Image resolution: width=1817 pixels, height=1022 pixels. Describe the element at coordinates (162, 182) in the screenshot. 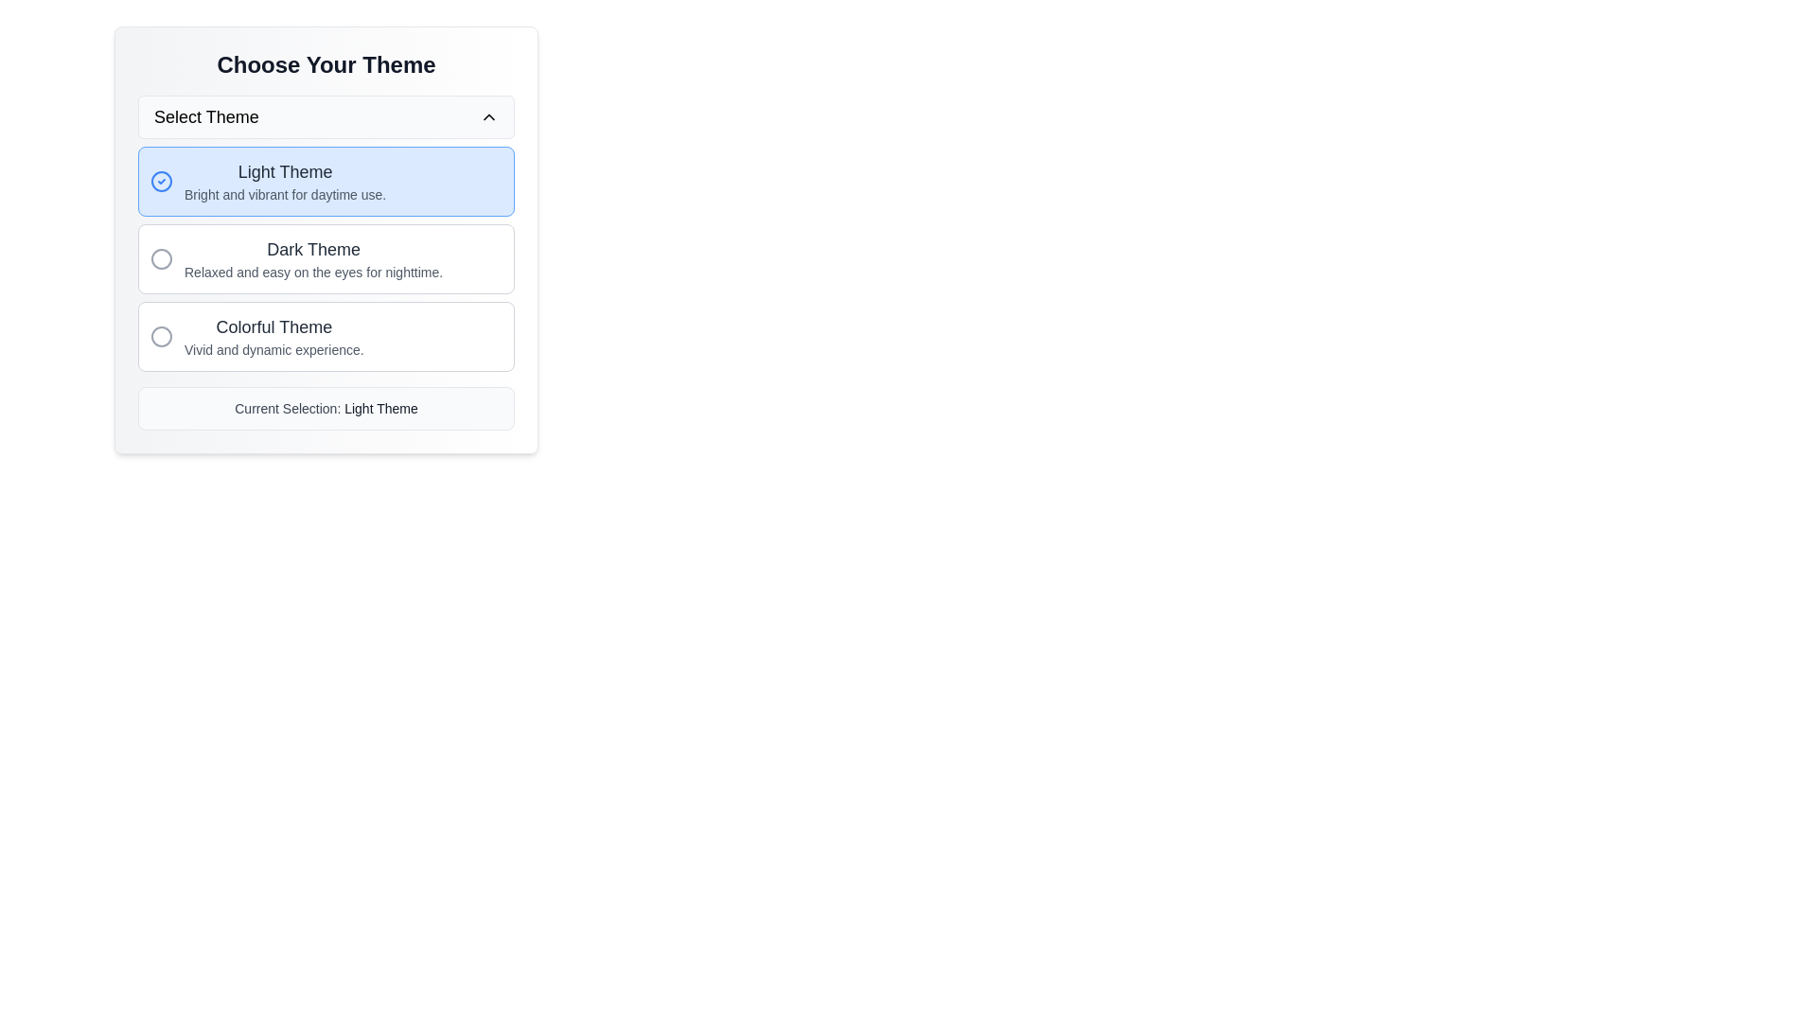

I see `the circular selection indicator icon with a blue border and a checkmark symbol, located at the top-left corner of the 'Light Theme' highlighted area` at that location.